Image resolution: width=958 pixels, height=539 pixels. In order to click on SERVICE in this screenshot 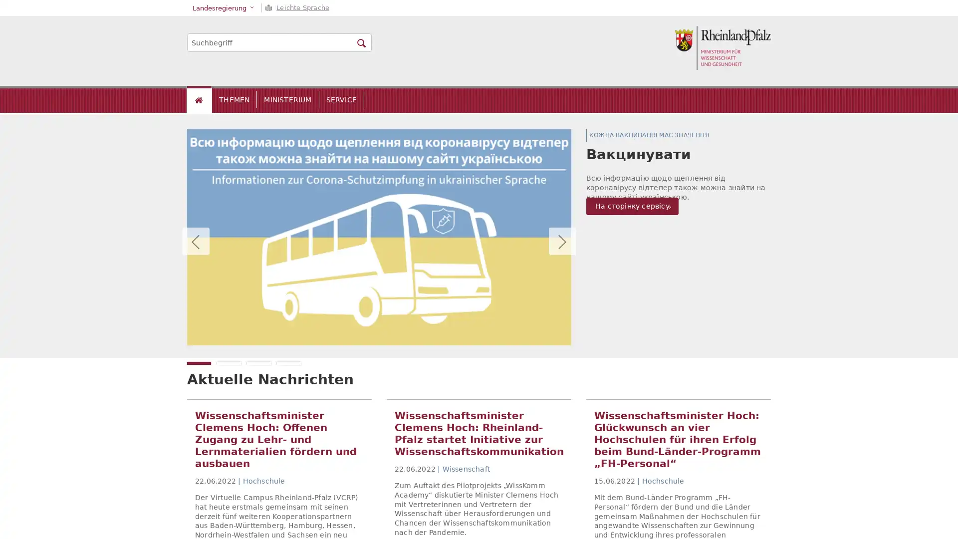, I will do `click(341, 100)`.